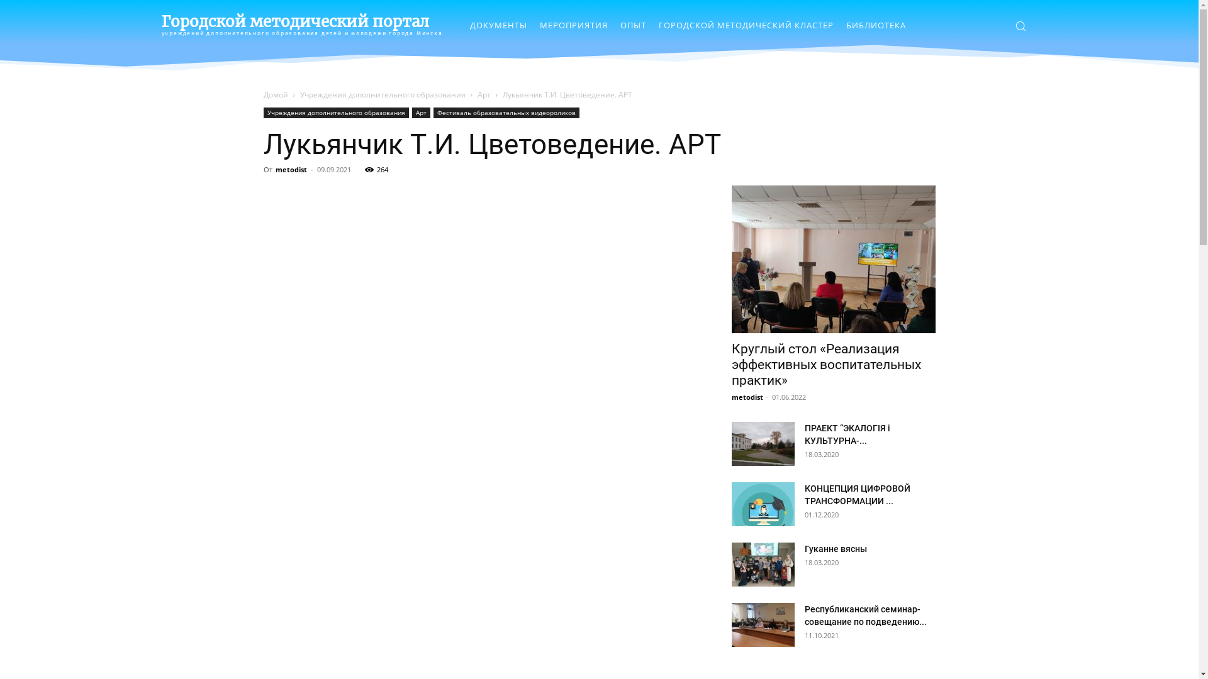  Describe the element at coordinates (290, 168) in the screenshot. I see `'metodist'` at that location.